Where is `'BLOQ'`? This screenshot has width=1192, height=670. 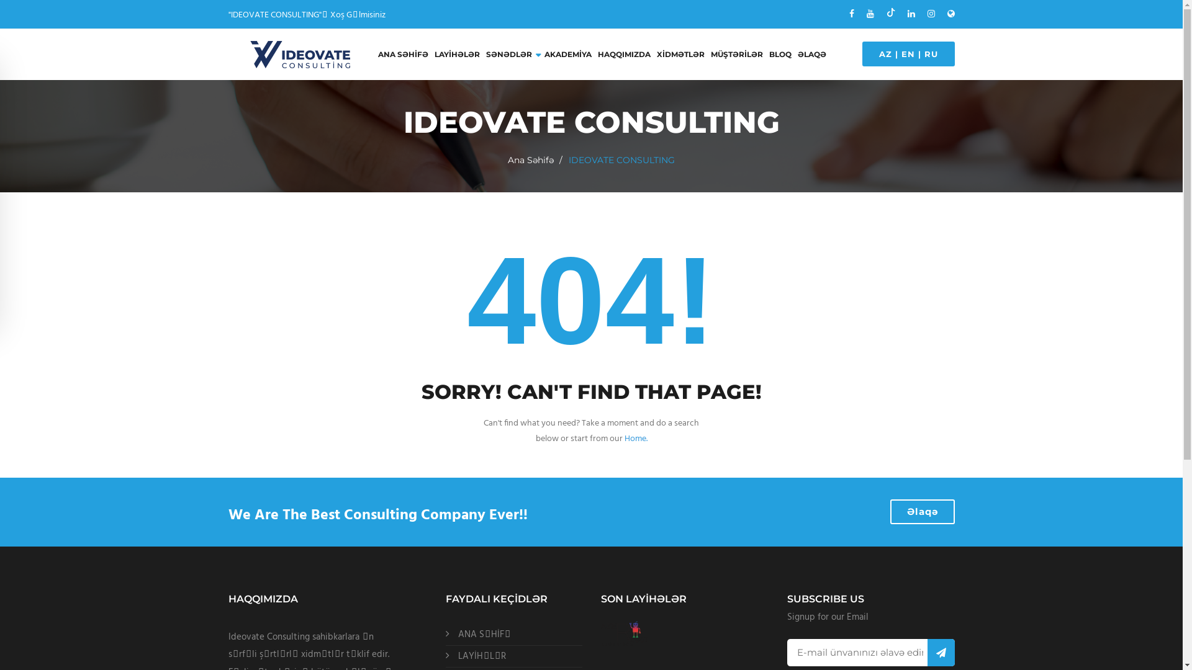 'BLOQ' is located at coordinates (779, 54).